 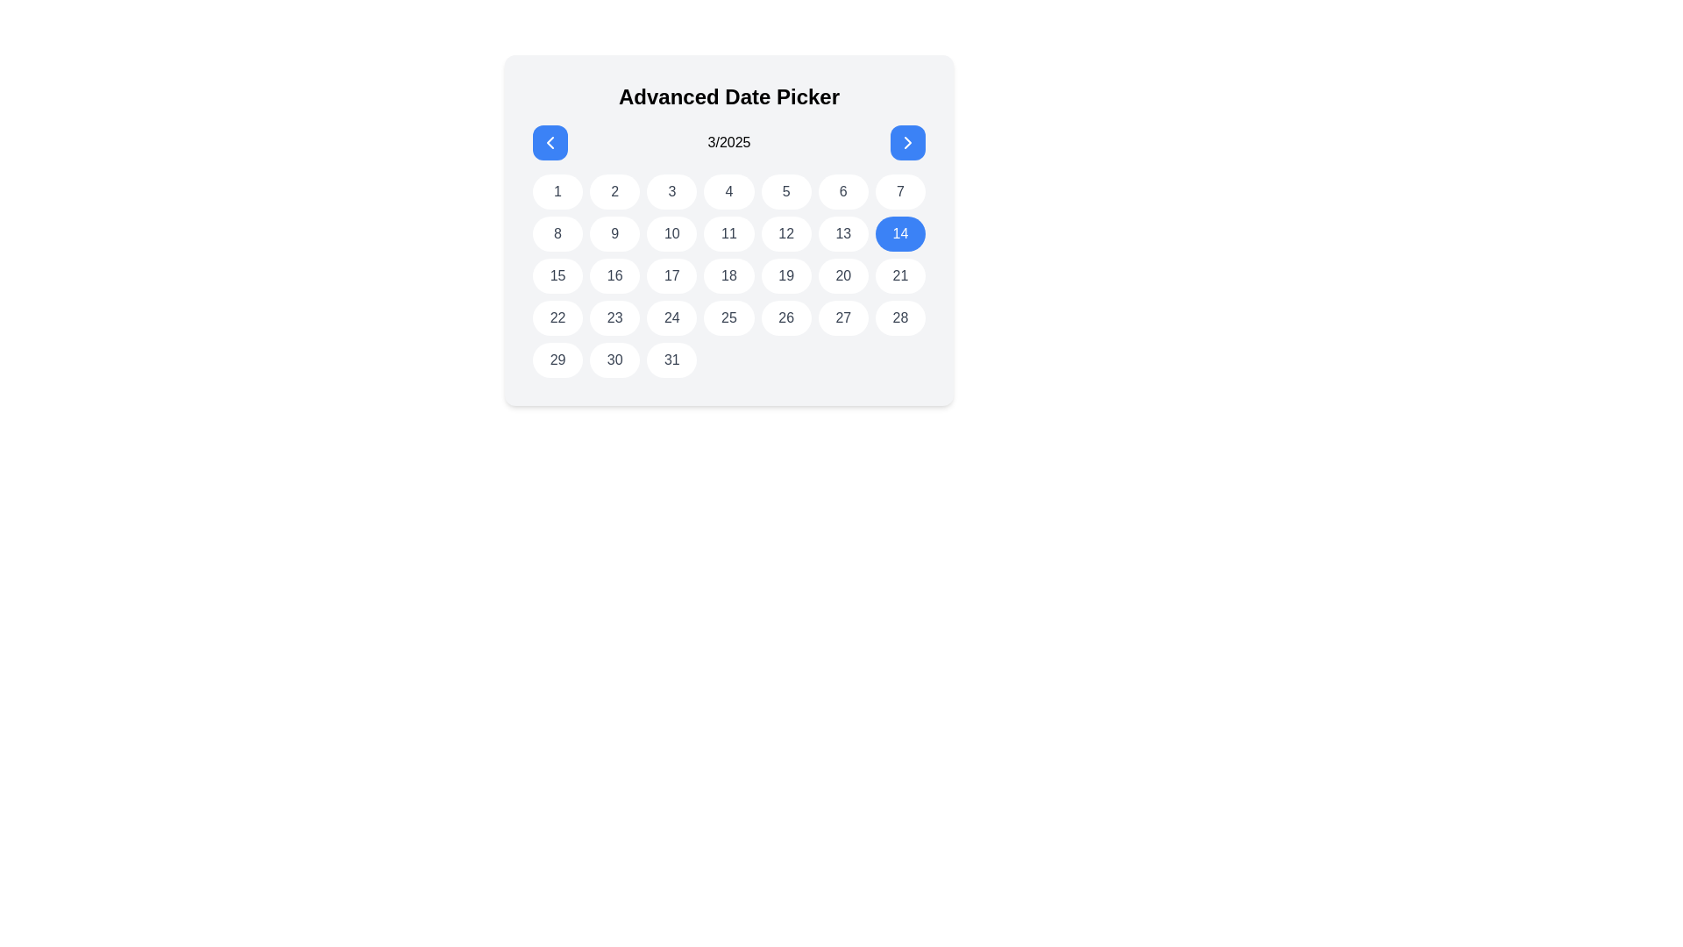 What do you see at coordinates (728, 232) in the screenshot?
I see `the circular button labeled '11' in the calendar grid` at bounding box center [728, 232].